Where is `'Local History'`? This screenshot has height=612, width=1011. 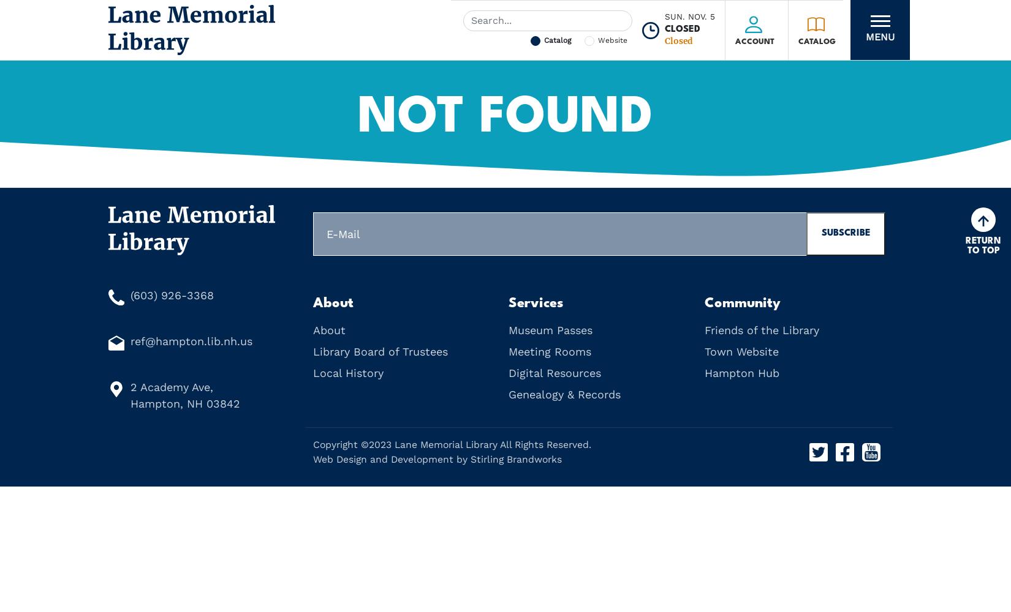
'Local History' is located at coordinates (312, 372).